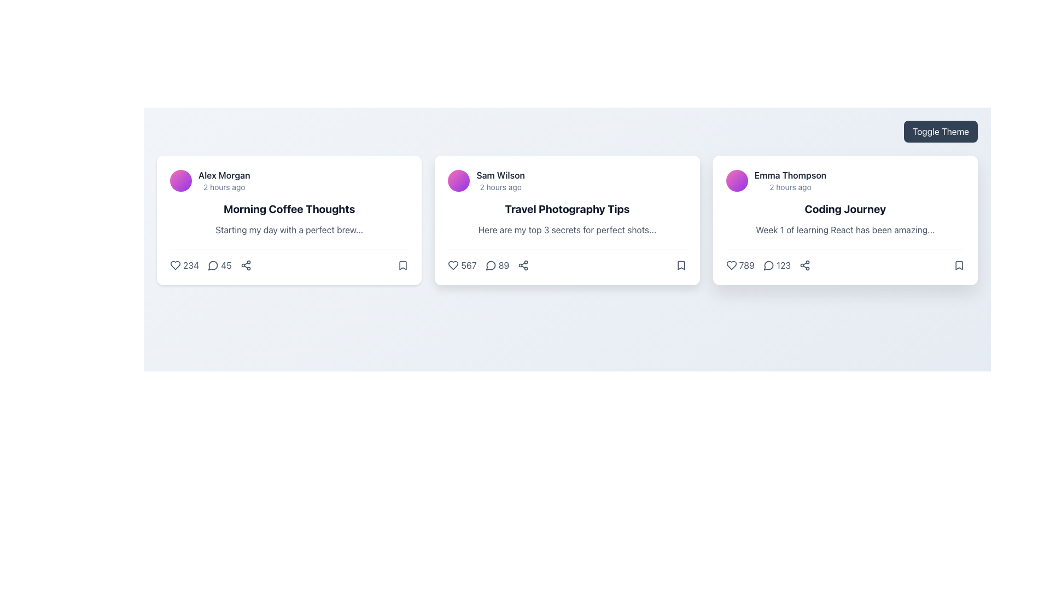 Image resolution: width=1050 pixels, height=590 pixels. Describe the element at coordinates (176, 265) in the screenshot. I see `the heart icon representing a 'like' feature, which is an outlined SVG graphical element located at the bottom of the first content card` at that location.